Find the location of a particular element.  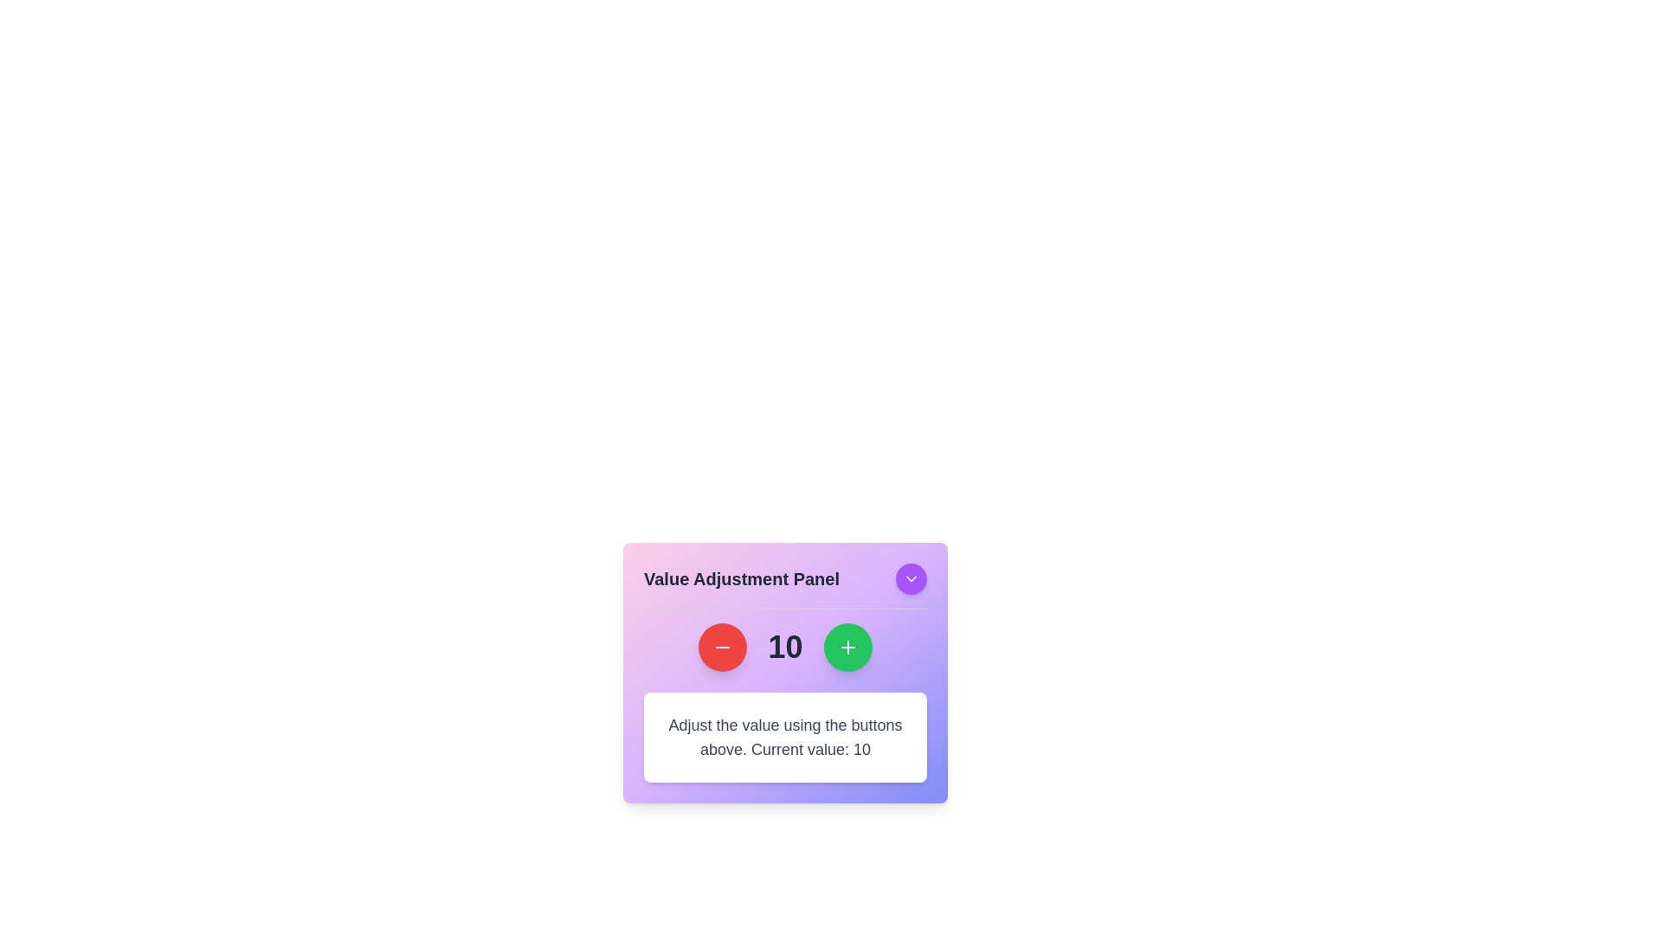

bold header text 'Value Adjustment Panel' located at the top-left section of the interface, styled in dark gray on a light gradient background is located at coordinates (742, 578).